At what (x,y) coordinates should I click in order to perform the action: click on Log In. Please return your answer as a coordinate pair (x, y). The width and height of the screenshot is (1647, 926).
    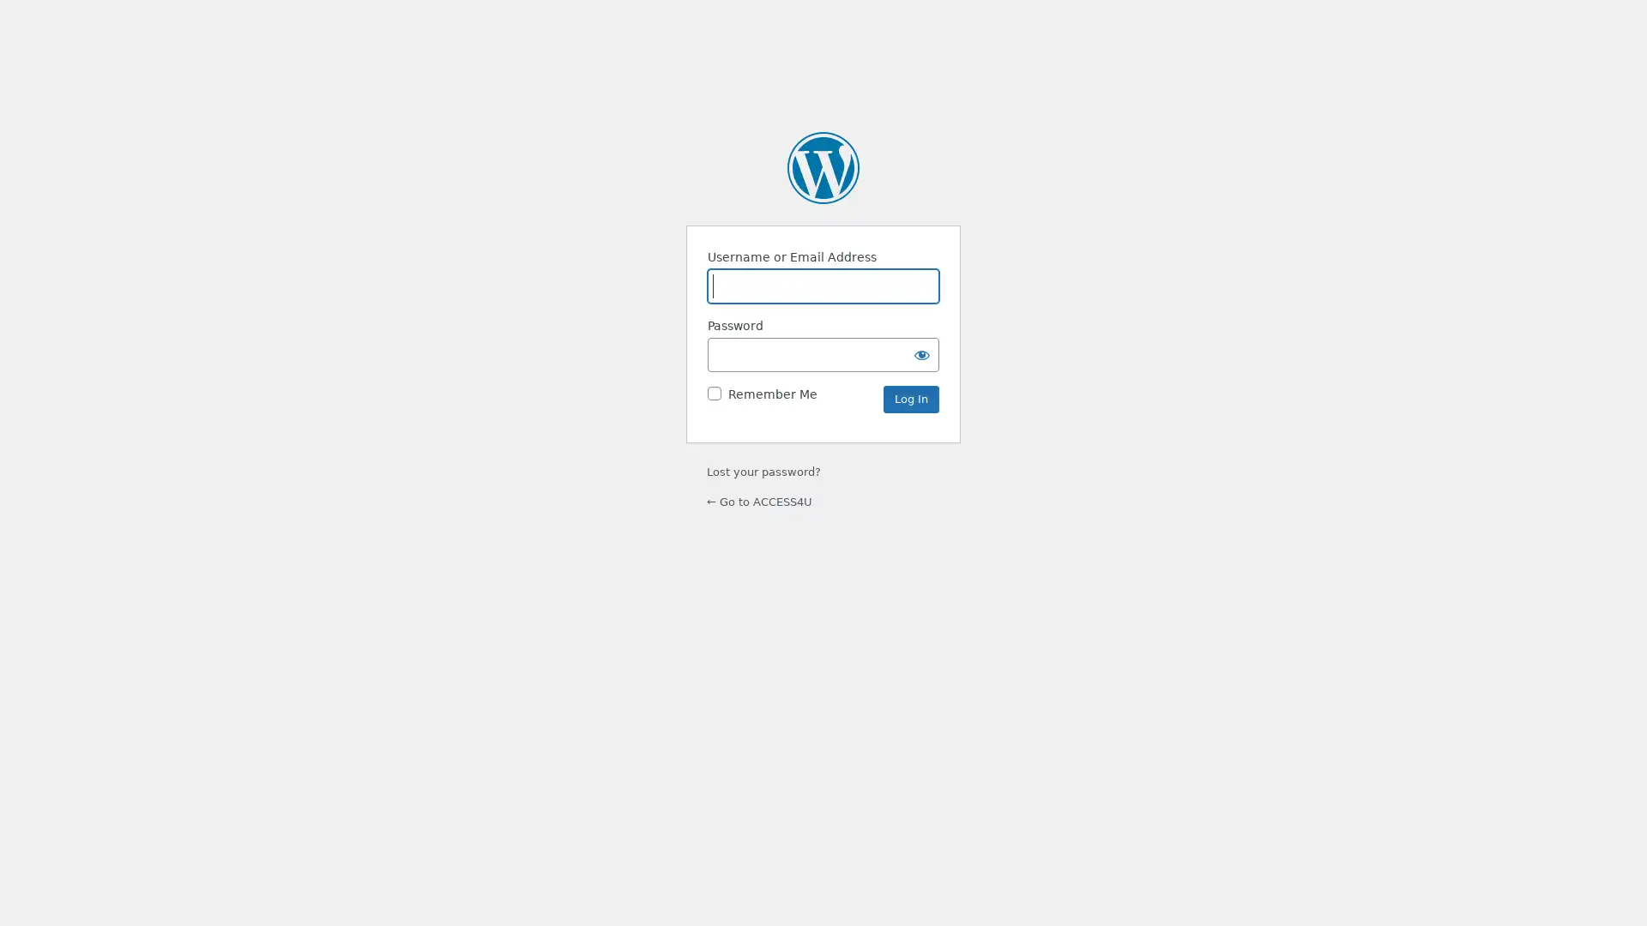
    Looking at the image, I should click on (910, 399).